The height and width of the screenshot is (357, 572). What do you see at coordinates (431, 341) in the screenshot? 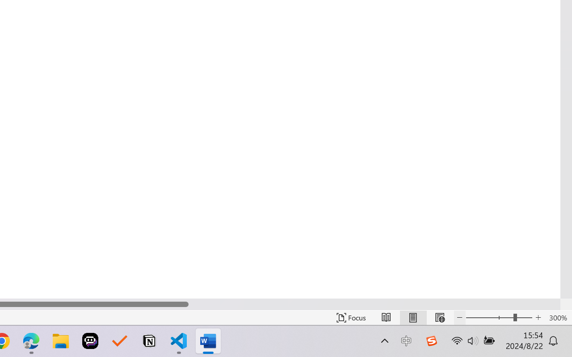
I see `'Class: Image'` at bounding box center [431, 341].